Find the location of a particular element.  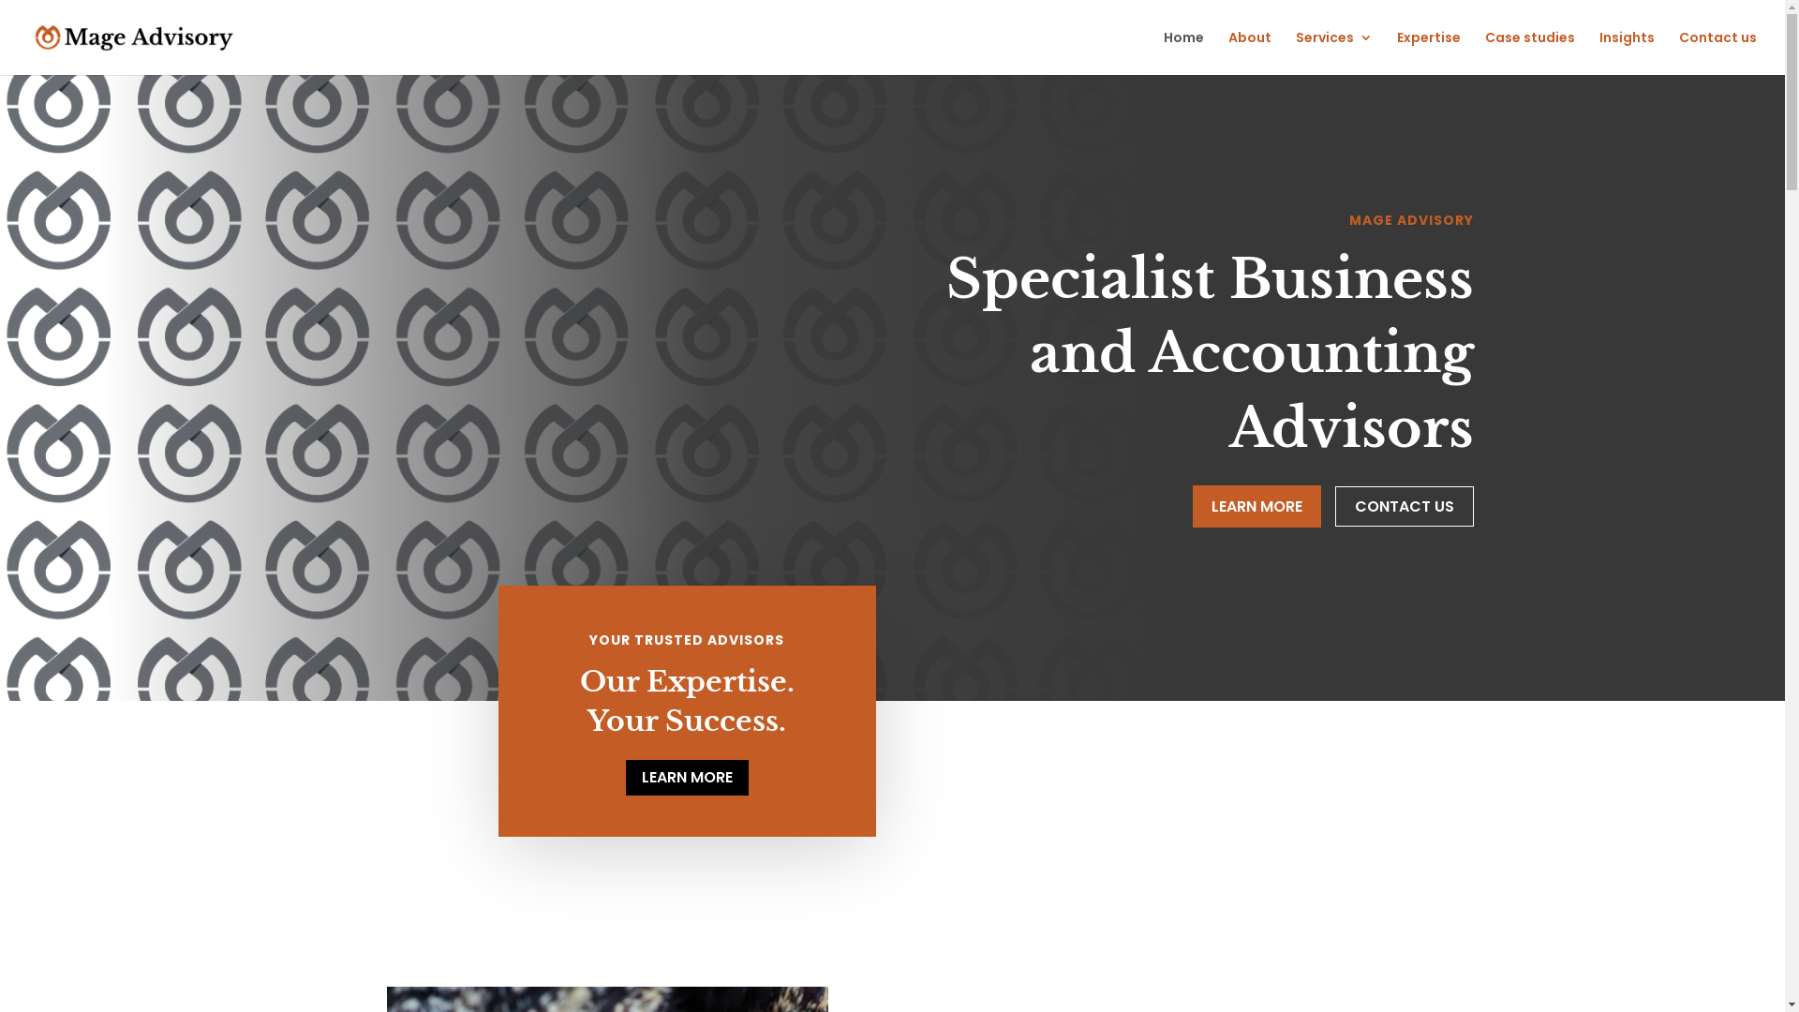

'Insights' is located at coordinates (1626, 52).